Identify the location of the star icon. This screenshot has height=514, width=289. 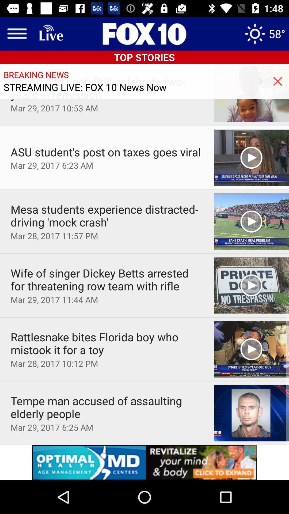
(264, 33).